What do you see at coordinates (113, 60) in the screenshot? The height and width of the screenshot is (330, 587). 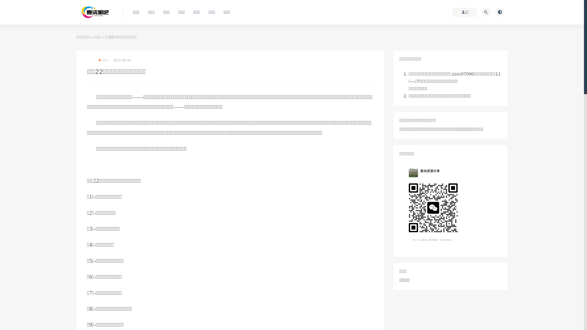 I see `'2021-06-10'` at bounding box center [113, 60].